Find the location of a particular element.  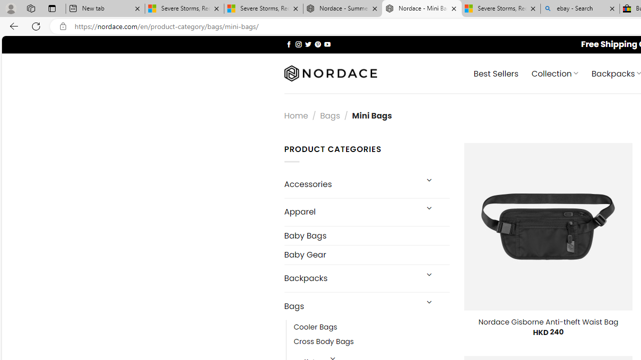

'Cross Body Bags' is located at coordinates (324, 341).